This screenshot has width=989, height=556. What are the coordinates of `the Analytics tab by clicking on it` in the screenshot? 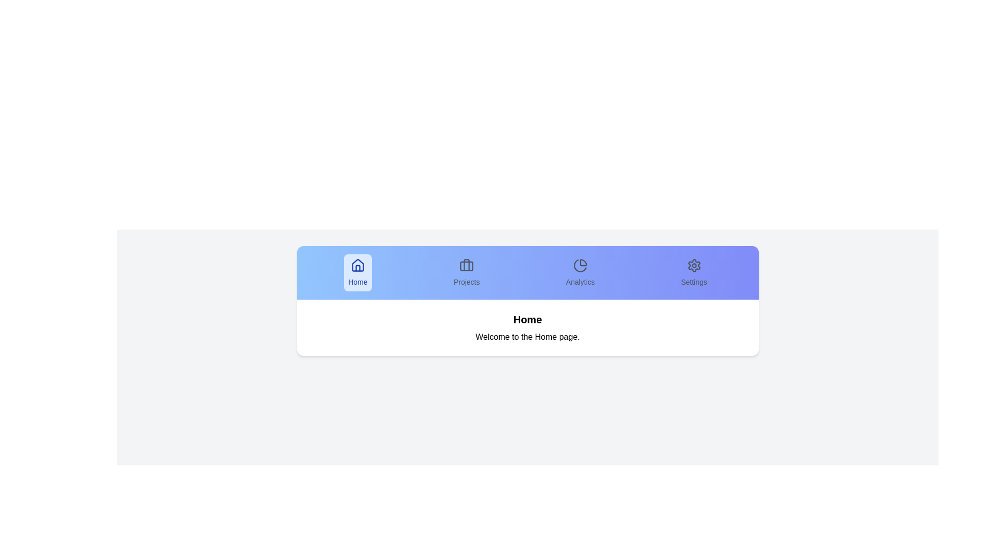 It's located at (580, 272).